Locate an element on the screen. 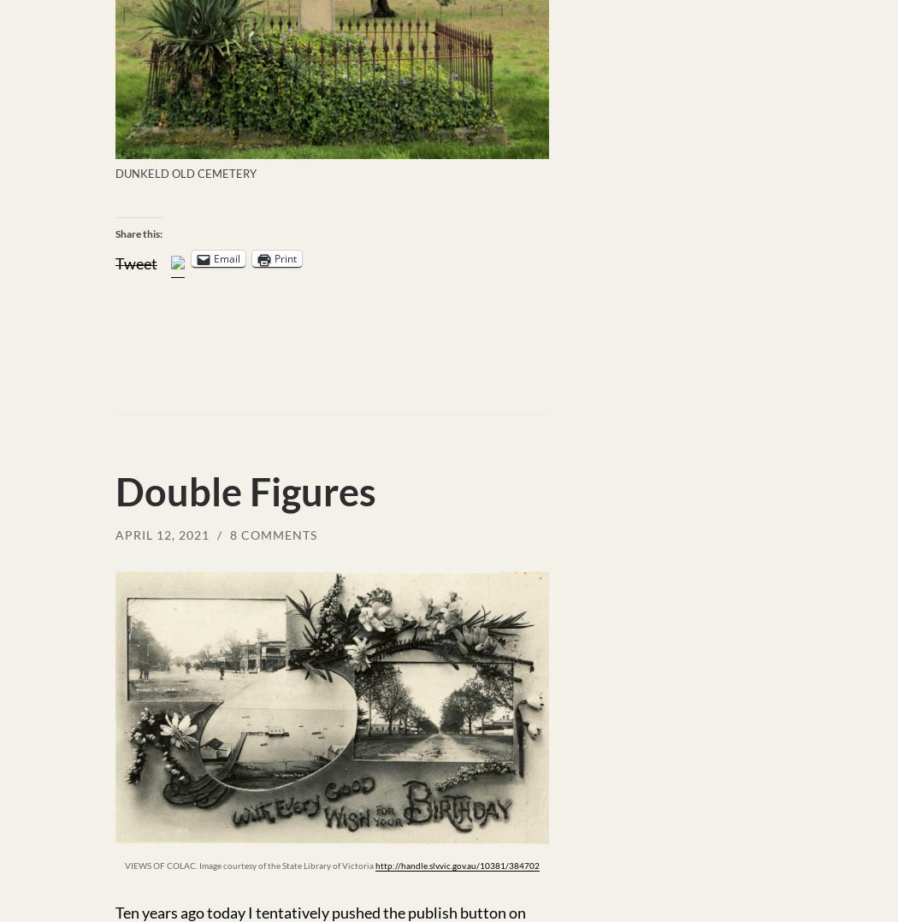 The image size is (898, 922). 'Print' is located at coordinates (286, 258).